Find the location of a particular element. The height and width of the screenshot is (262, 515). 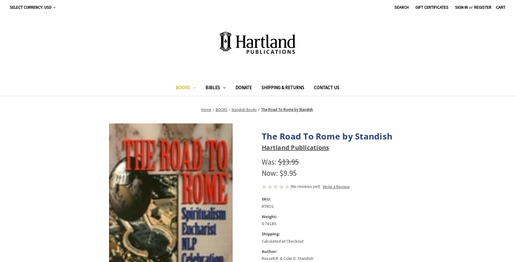

'Register' is located at coordinates (483, 7).